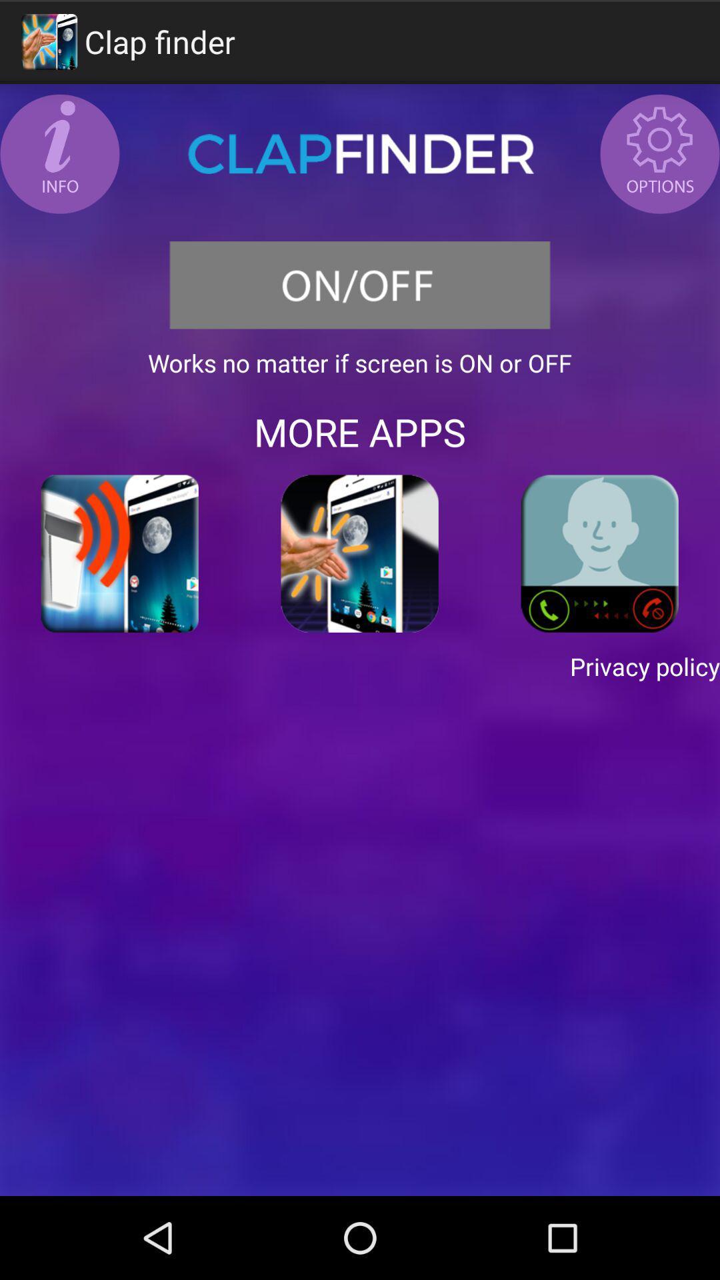  I want to click on the icon below the more apps, so click(360, 553).